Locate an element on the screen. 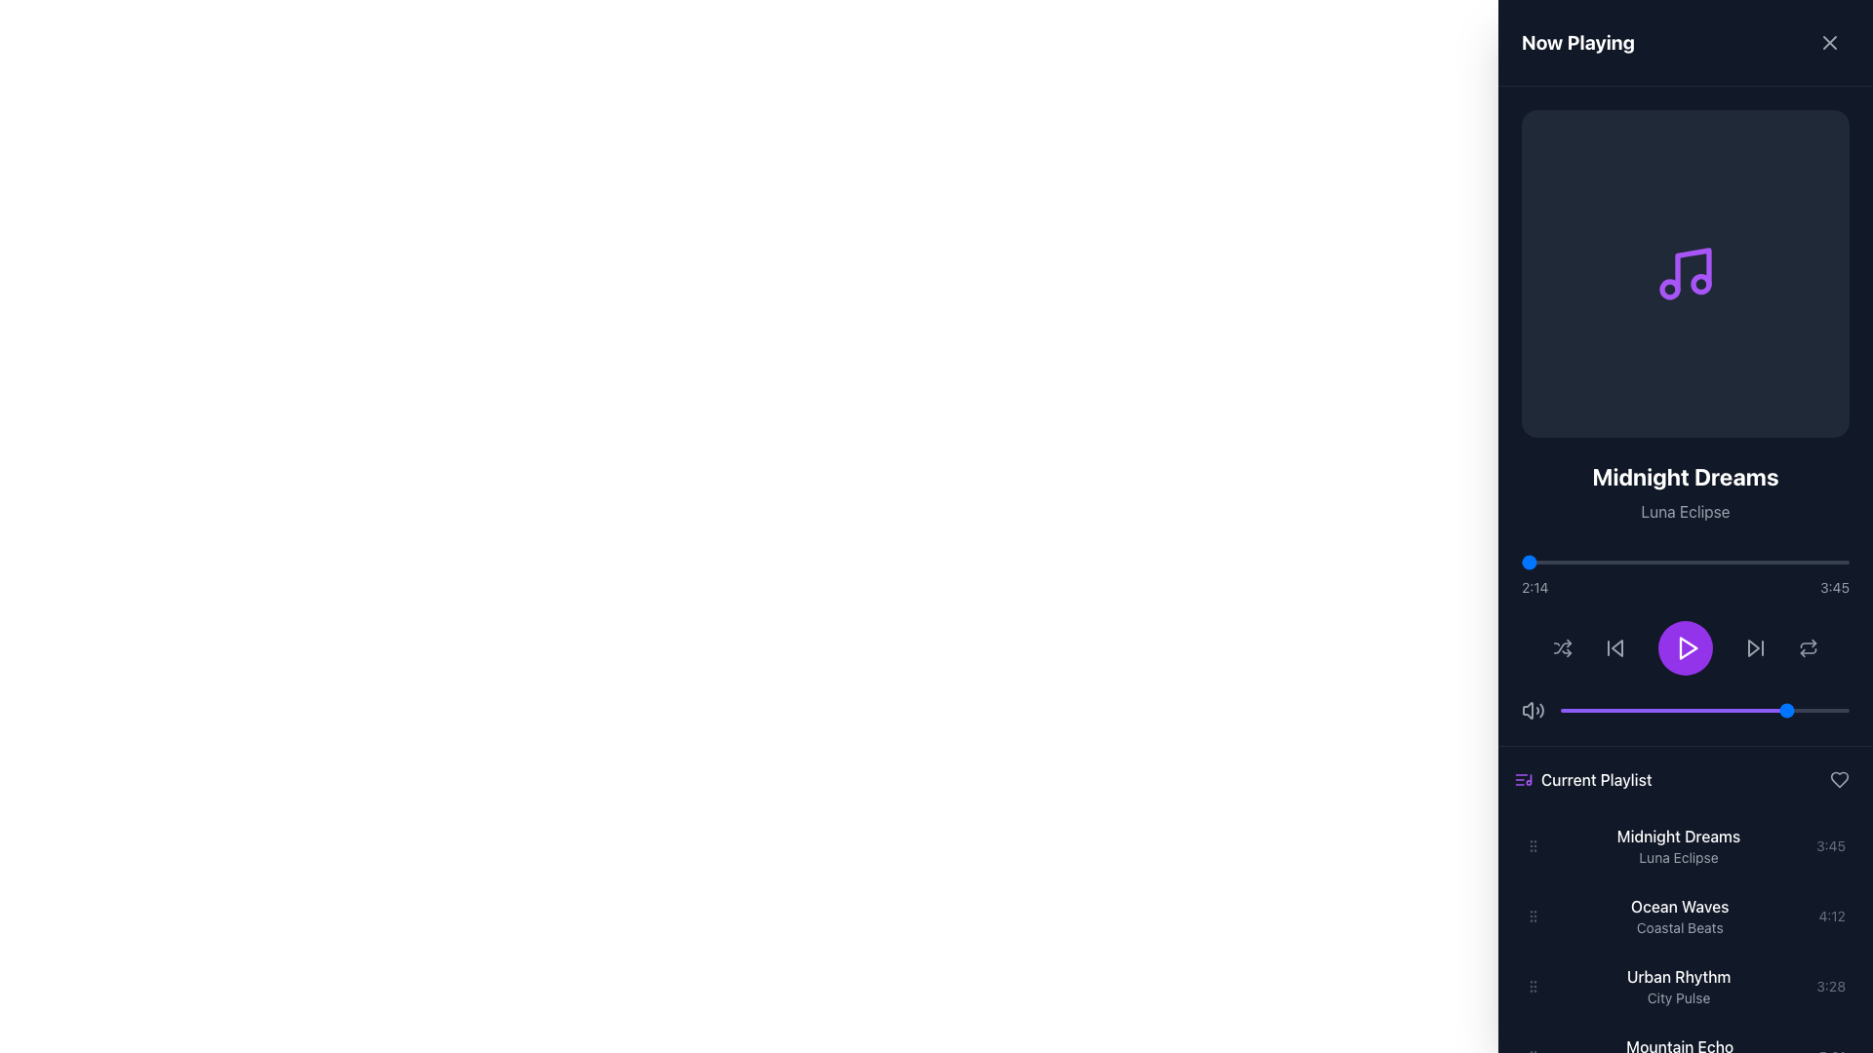  the playback progress is located at coordinates (1700, 563).